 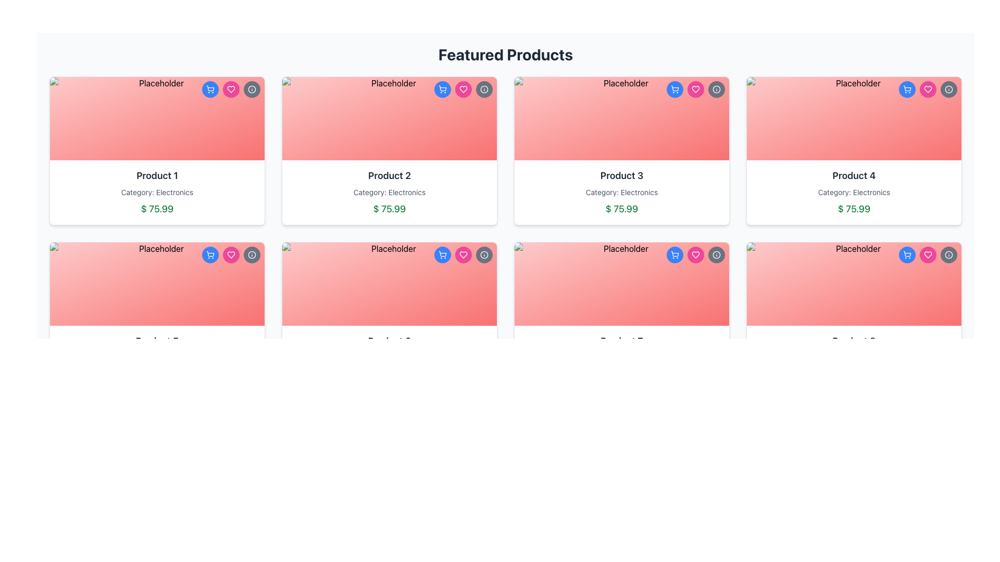 What do you see at coordinates (622, 209) in the screenshot?
I see `the price display for 'Product 3' located at the bottom of the card, underneath 'Category: Electronics'` at bounding box center [622, 209].